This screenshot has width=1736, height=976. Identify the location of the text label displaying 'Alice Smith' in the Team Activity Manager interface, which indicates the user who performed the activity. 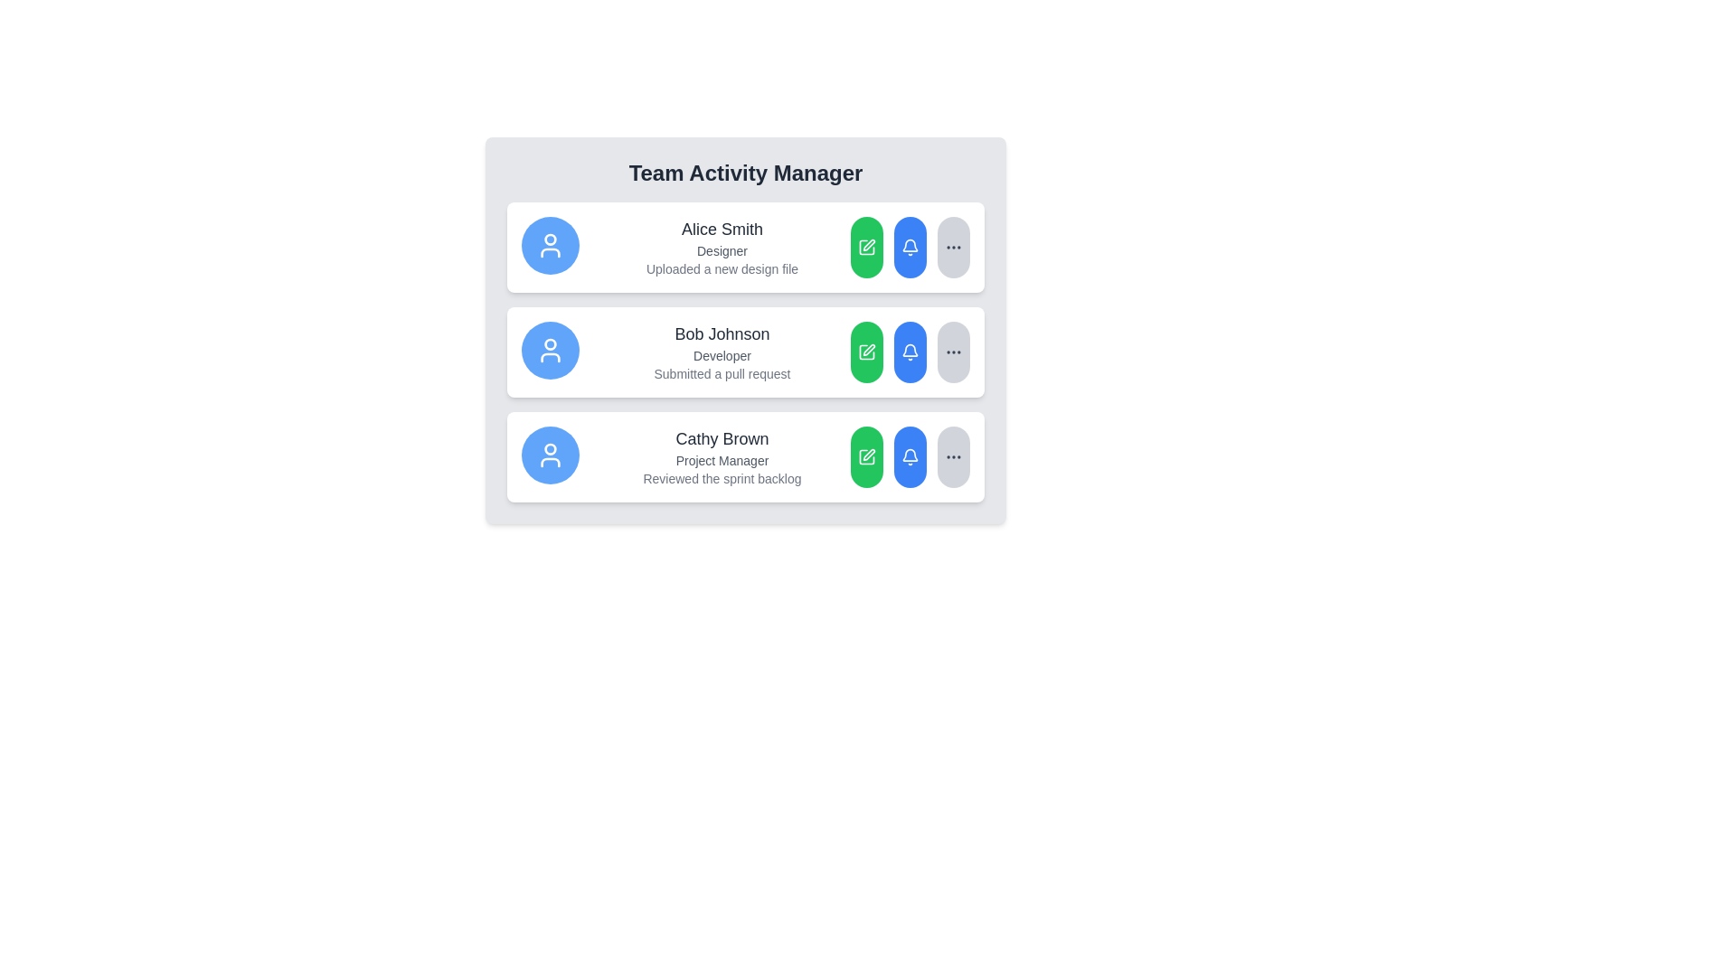
(721, 229).